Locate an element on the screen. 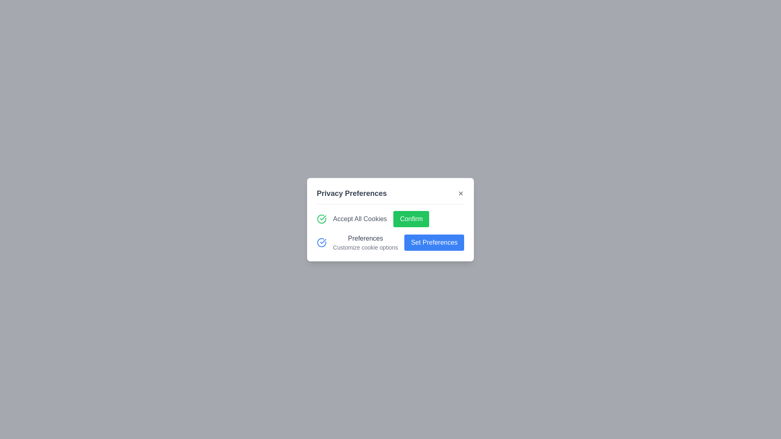  'Set Preferences' button to open the preferences customization dialog is located at coordinates (434, 242).